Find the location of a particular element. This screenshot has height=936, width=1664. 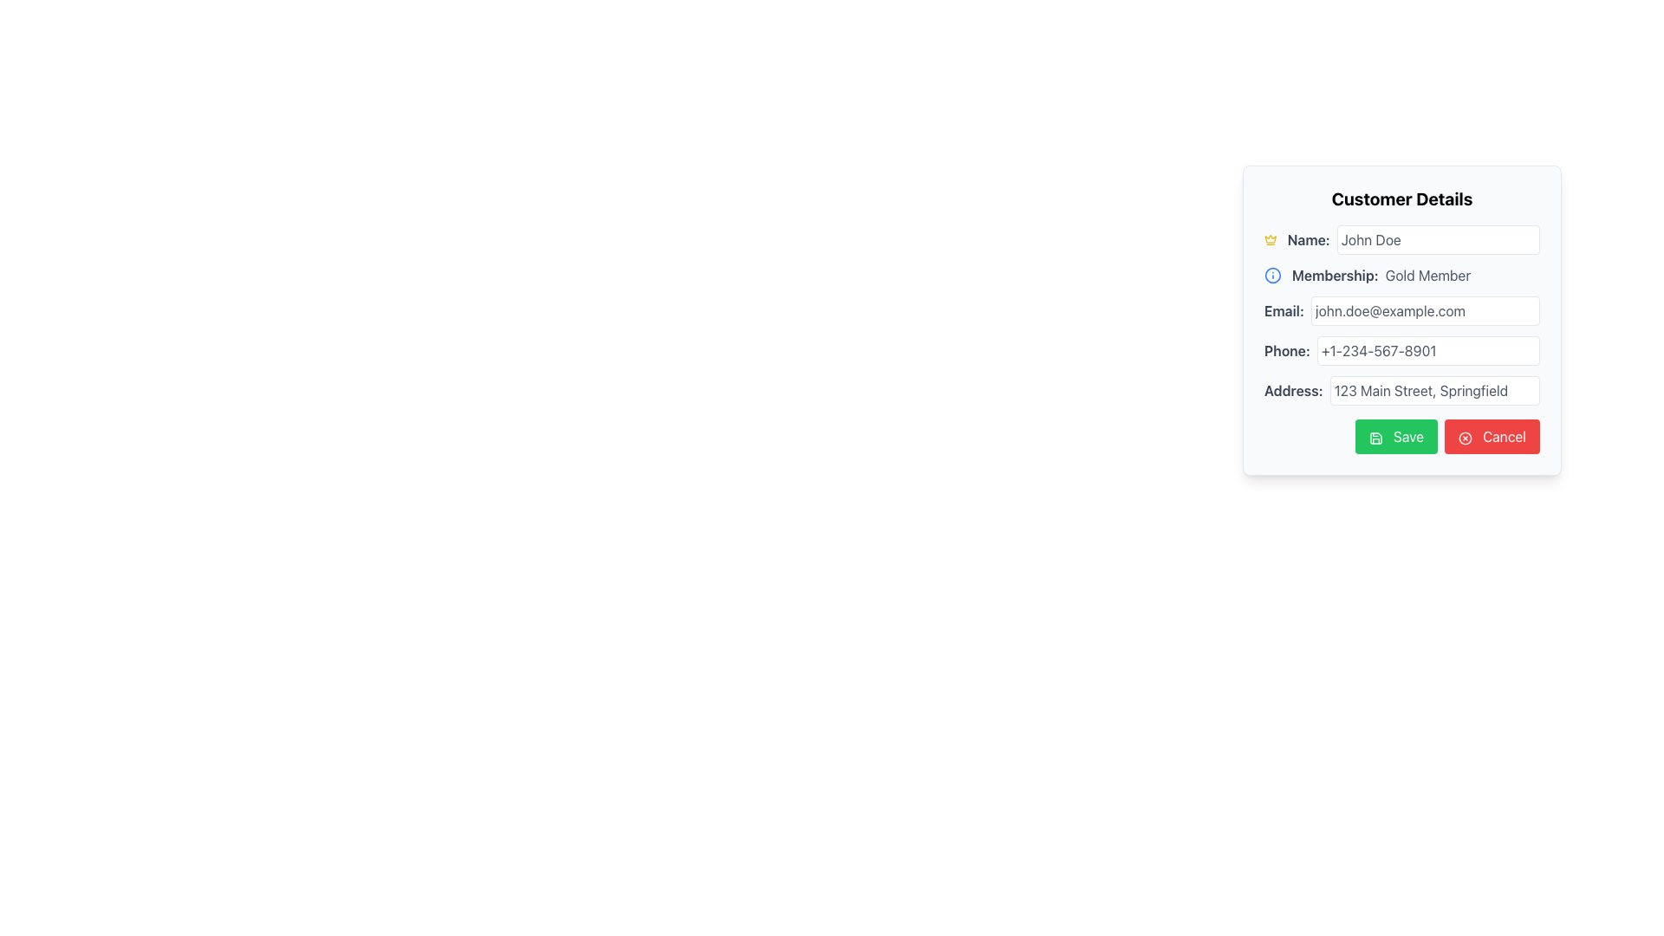

the text label displaying 'Name:' in bold grayish color, located to the left of the input field for 'John Doe' is located at coordinates (1309, 240).